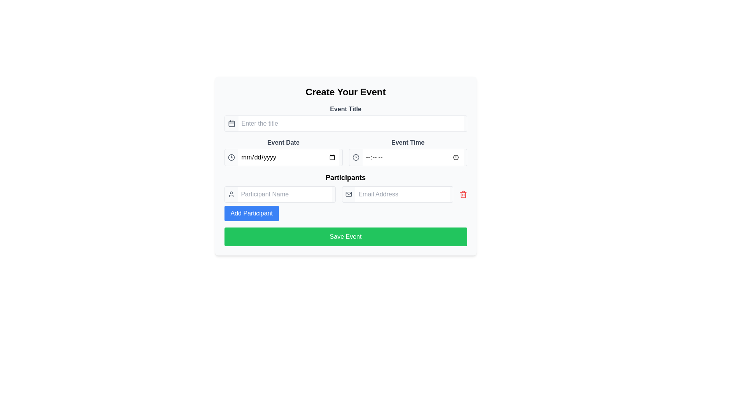  What do you see at coordinates (345, 177) in the screenshot?
I see `the Text label that indicates the section for participant-related fields` at bounding box center [345, 177].